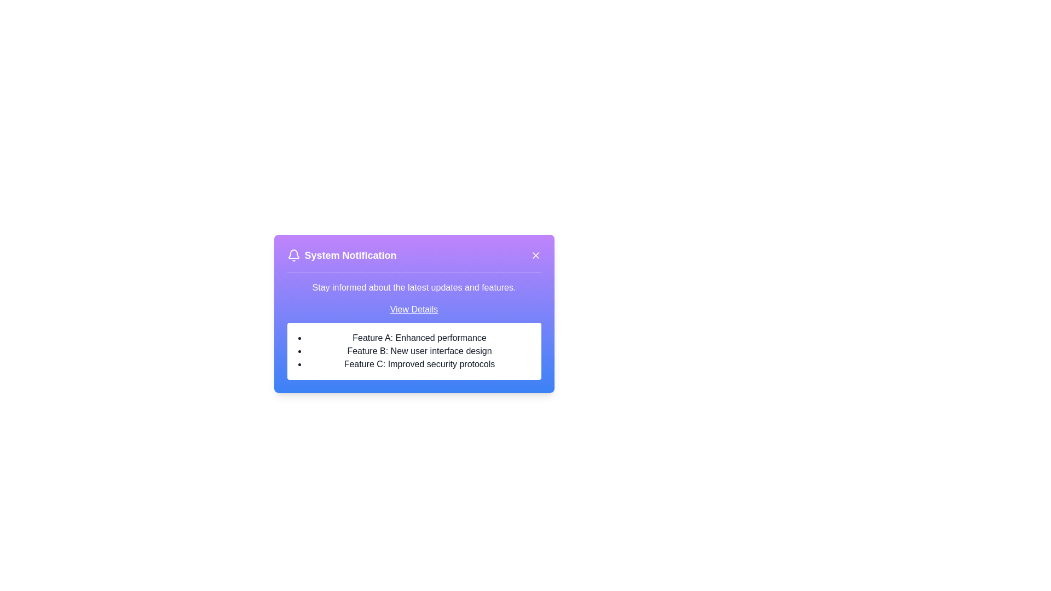  I want to click on the 'View Details' link to toggle the details section, so click(413, 310).